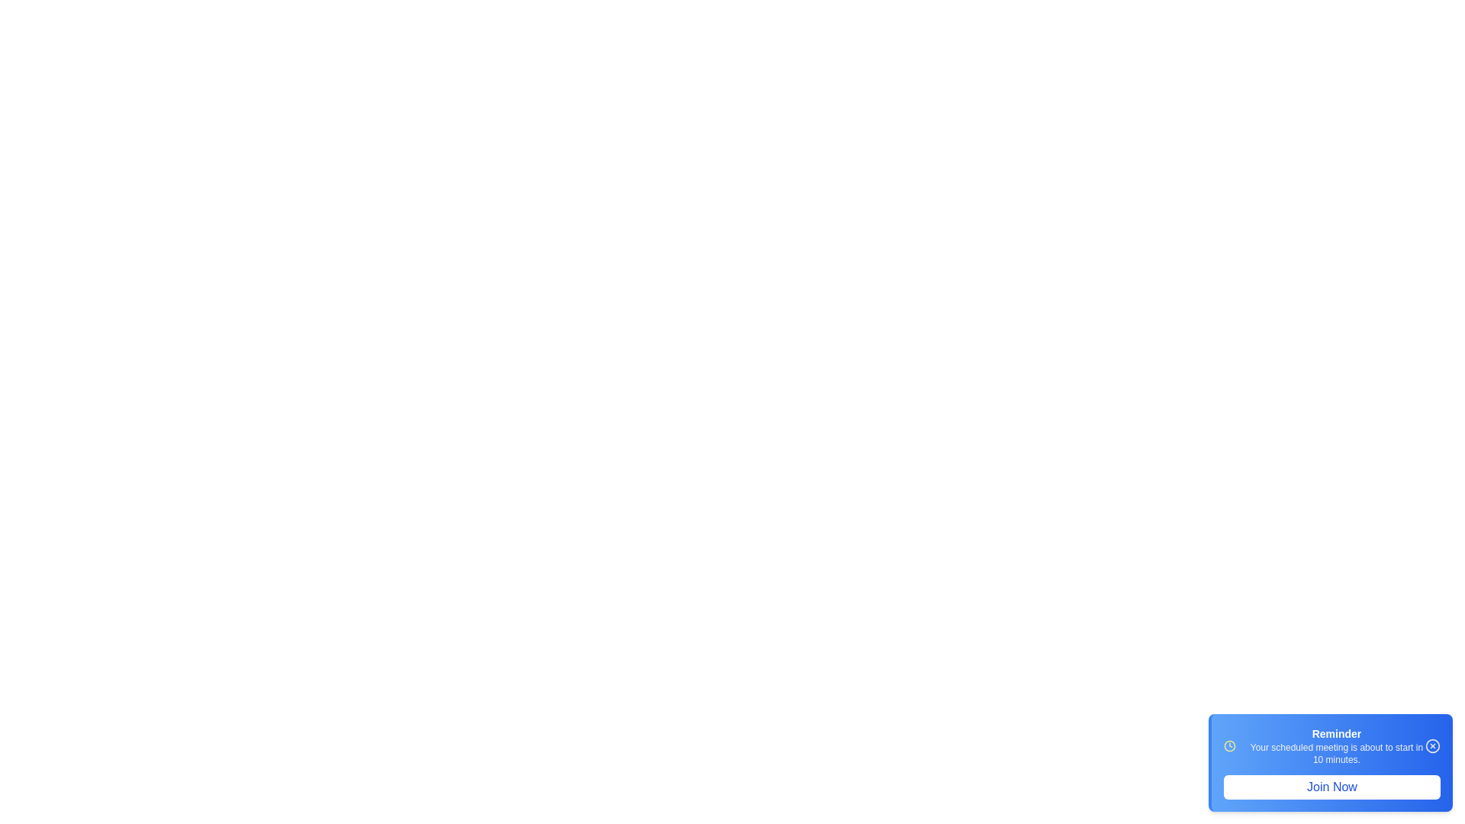 This screenshot has width=1465, height=824. Describe the element at coordinates (1431, 745) in the screenshot. I see `the close button to dismiss the snackbar` at that location.